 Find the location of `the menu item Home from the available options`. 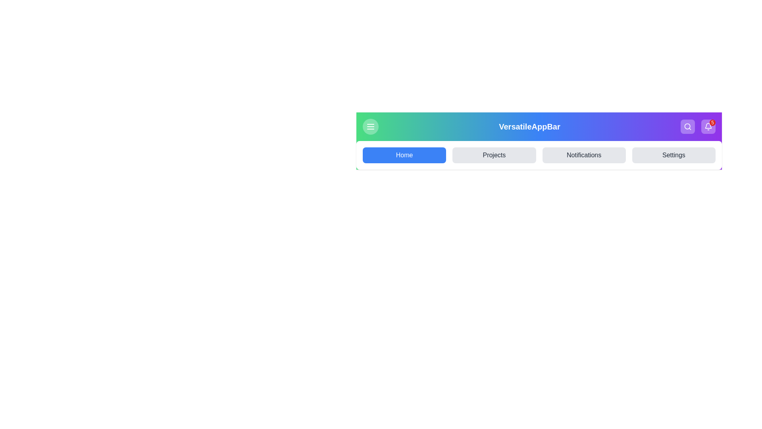

the menu item Home from the available options is located at coordinates (404, 155).